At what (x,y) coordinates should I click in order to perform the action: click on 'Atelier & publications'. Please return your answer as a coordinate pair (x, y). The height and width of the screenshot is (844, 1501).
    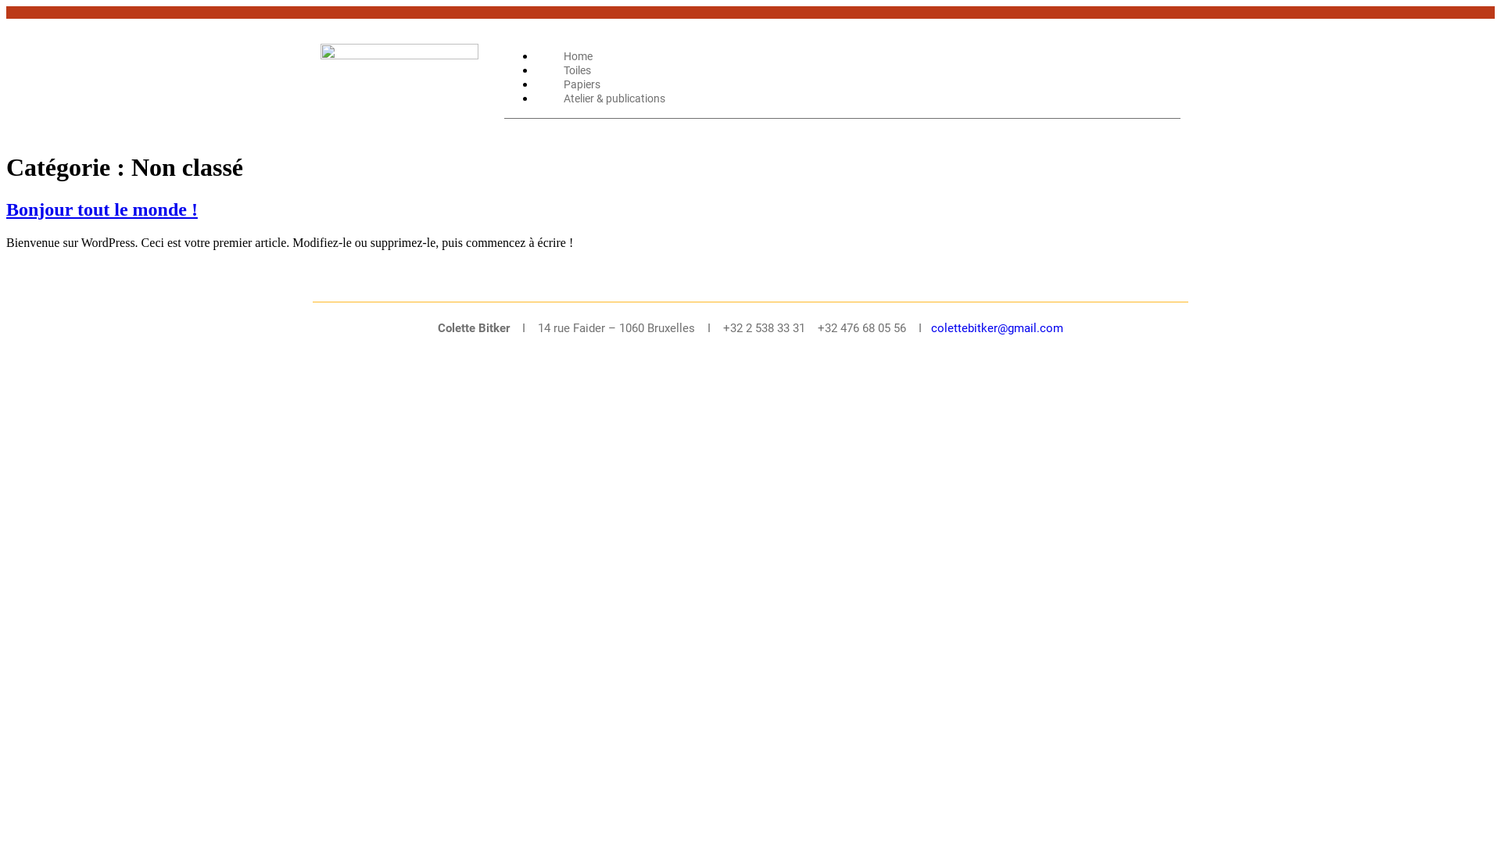
    Looking at the image, I should click on (614, 98).